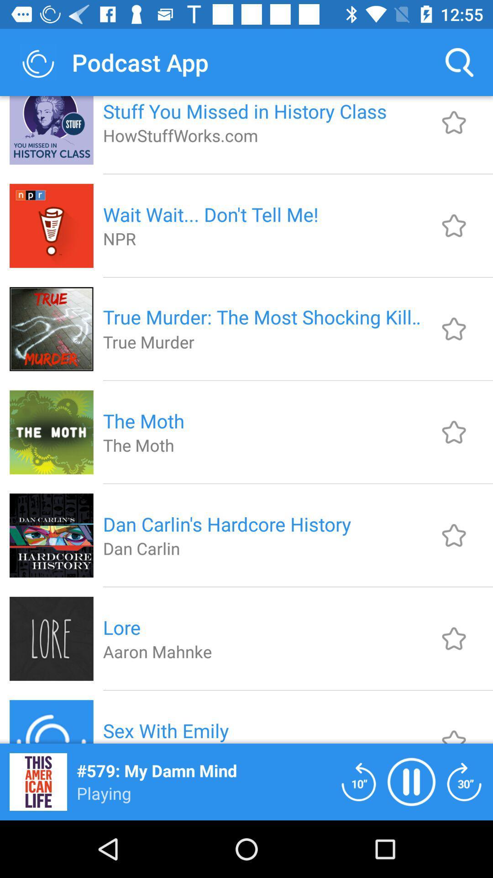 Image resolution: width=493 pixels, height=878 pixels. Describe the element at coordinates (358, 781) in the screenshot. I see `rewind for 10 seconds` at that location.